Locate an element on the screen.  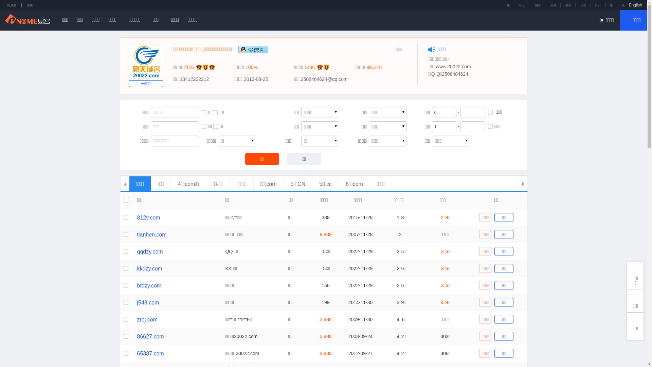
'btdzy.com' is located at coordinates (149, 285).